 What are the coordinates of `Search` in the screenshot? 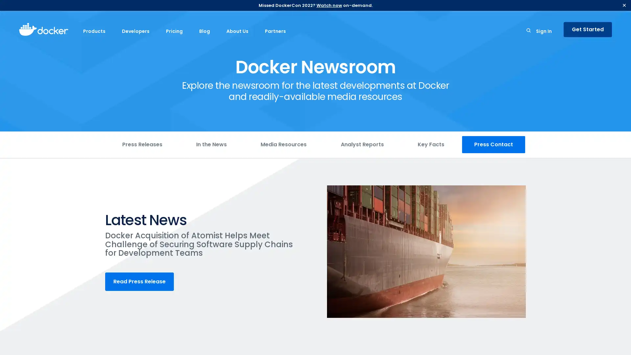 It's located at (528, 32).